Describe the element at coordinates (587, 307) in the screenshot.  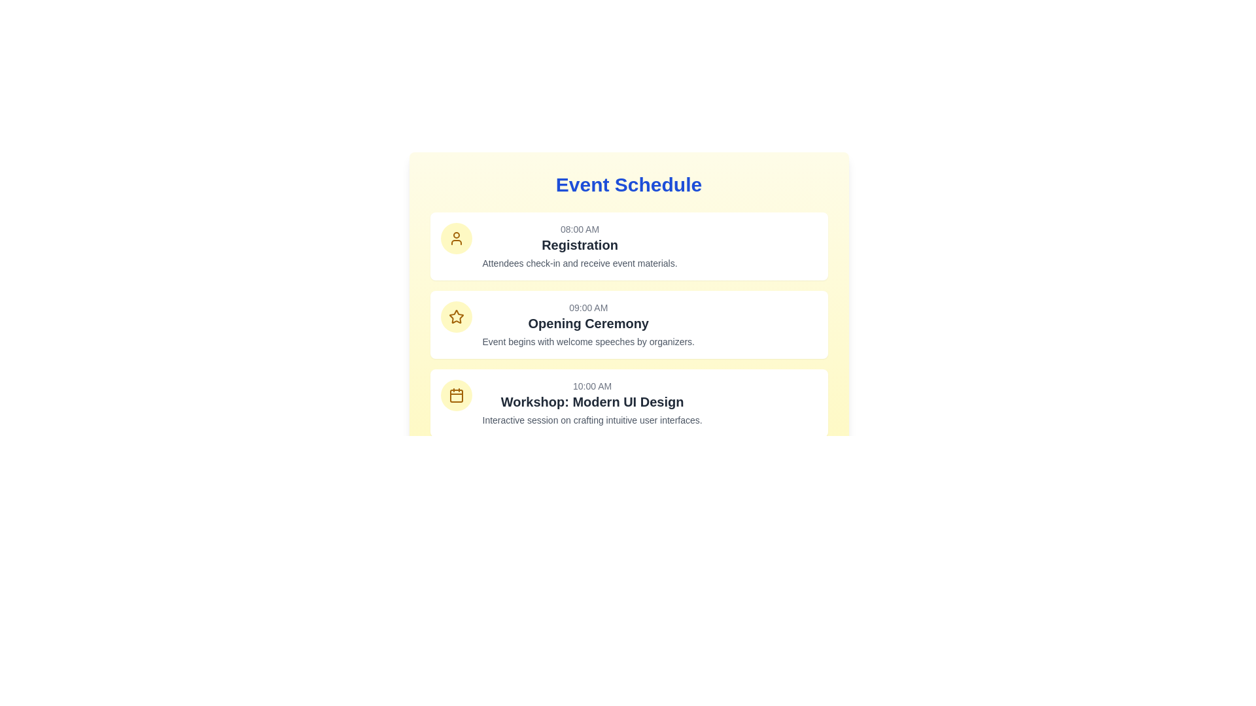
I see `the text label displaying '09:00 AM' in gray font, located above the title 'Opening Ceremony' in the second event block` at that location.